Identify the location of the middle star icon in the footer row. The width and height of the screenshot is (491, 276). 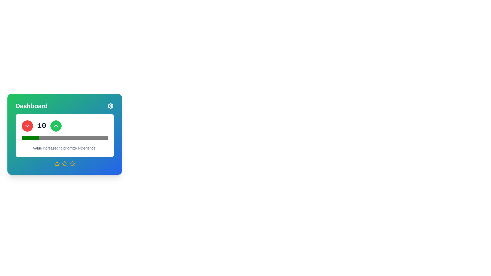
(64, 164).